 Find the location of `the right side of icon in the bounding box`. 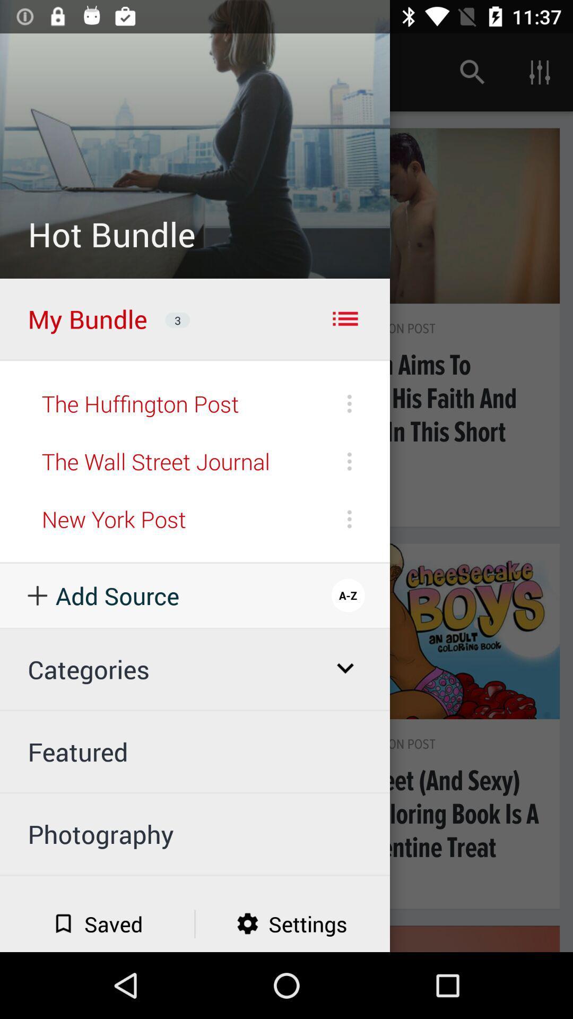

the right side of icon in the bounding box is located at coordinates (540, 72).